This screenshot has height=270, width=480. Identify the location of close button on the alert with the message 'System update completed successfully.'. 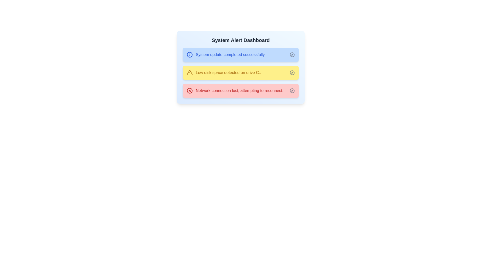
(292, 55).